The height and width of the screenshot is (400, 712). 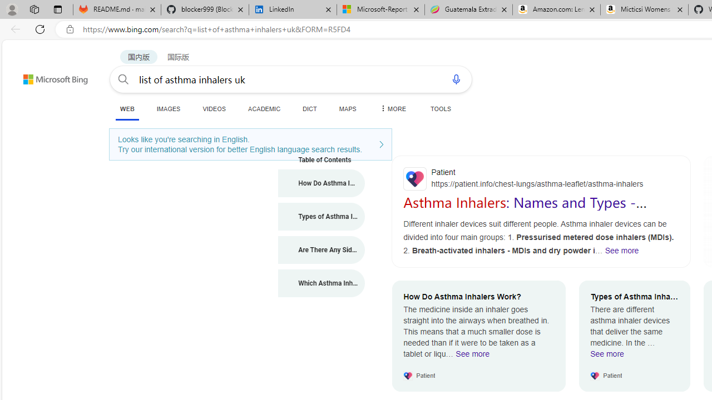 What do you see at coordinates (293, 9) in the screenshot?
I see `'LinkedIn'` at bounding box center [293, 9].